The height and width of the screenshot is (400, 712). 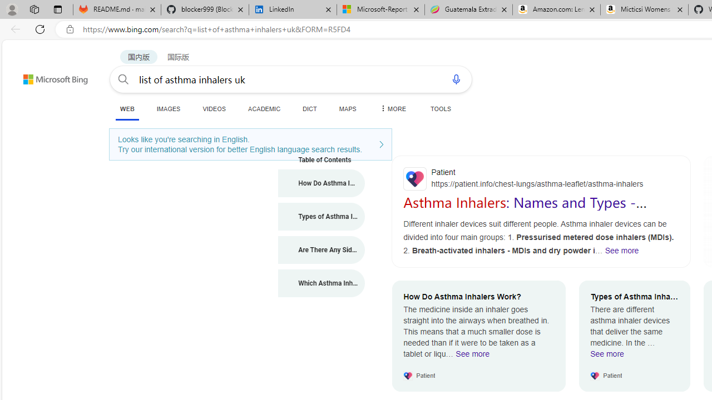 What do you see at coordinates (293, 9) in the screenshot?
I see `'LinkedIn'` at bounding box center [293, 9].